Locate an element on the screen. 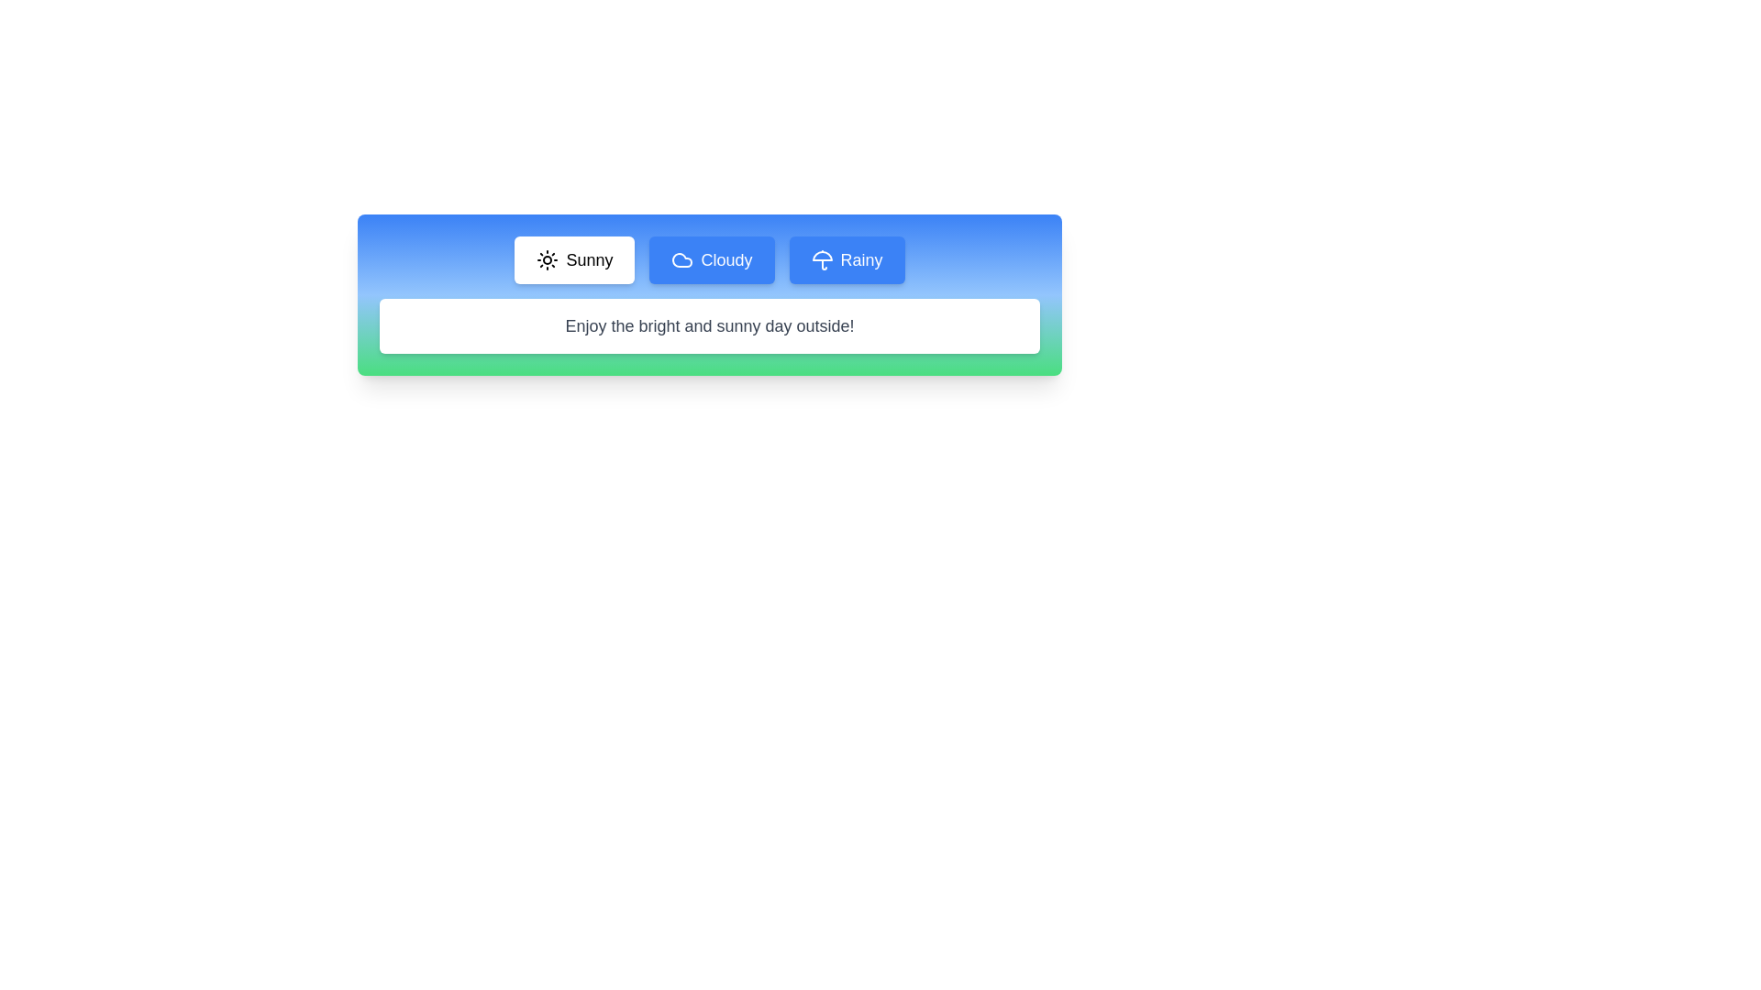 The image size is (1761, 990). the Rainy tab to see its hover effect is located at coordinates (846, 260).